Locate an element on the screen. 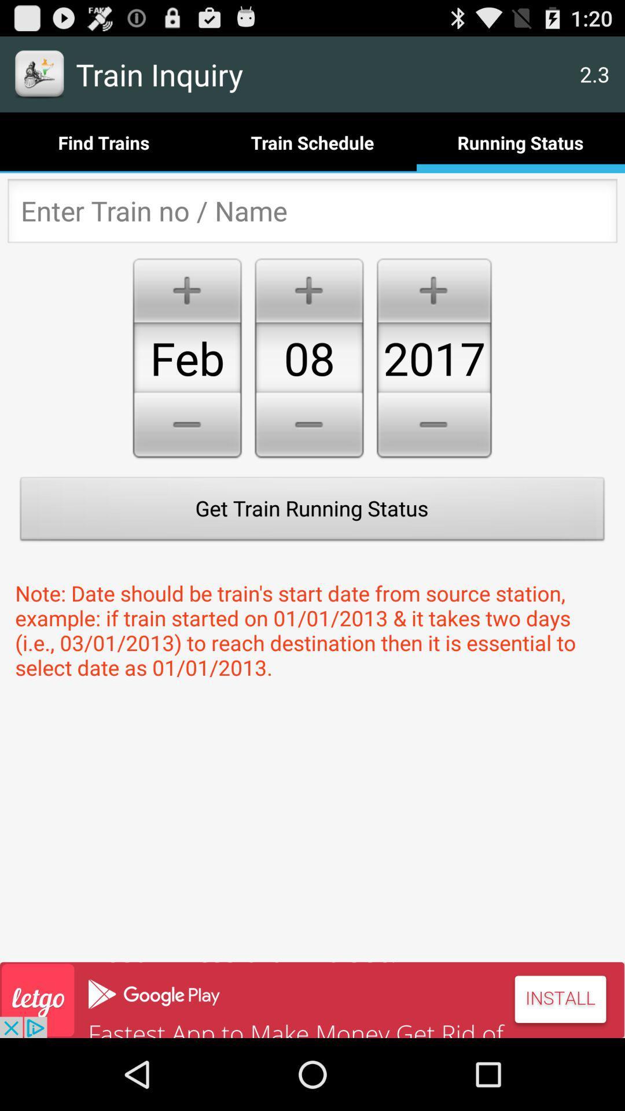  button get train running status is located at coordinates (312, 511).